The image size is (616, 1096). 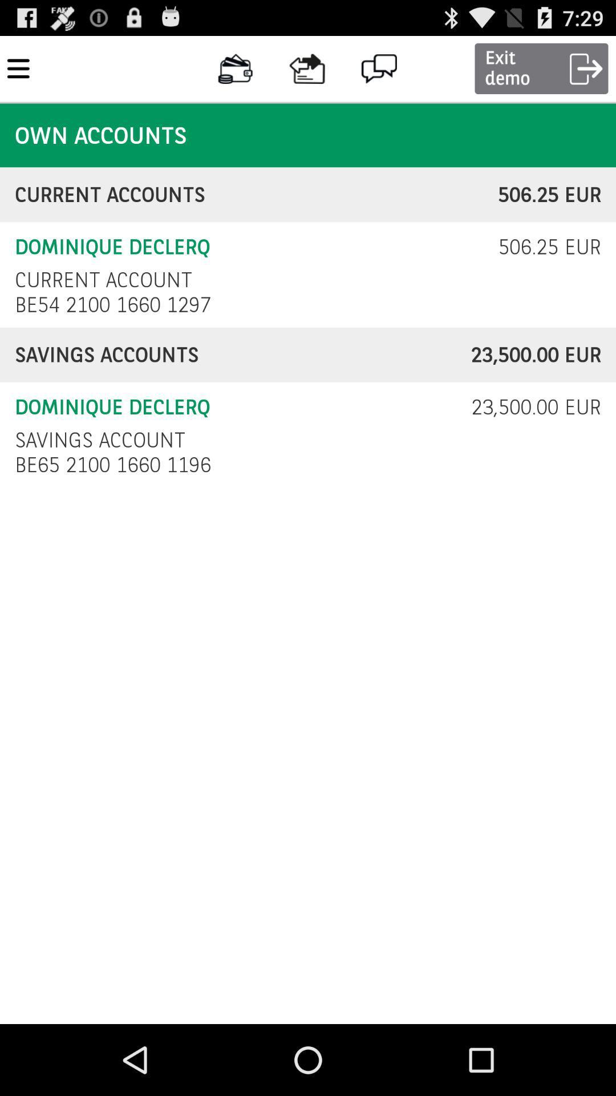 I want to click on the icon above be54 2100 1660 checkbox, so click(x=103, y=280).